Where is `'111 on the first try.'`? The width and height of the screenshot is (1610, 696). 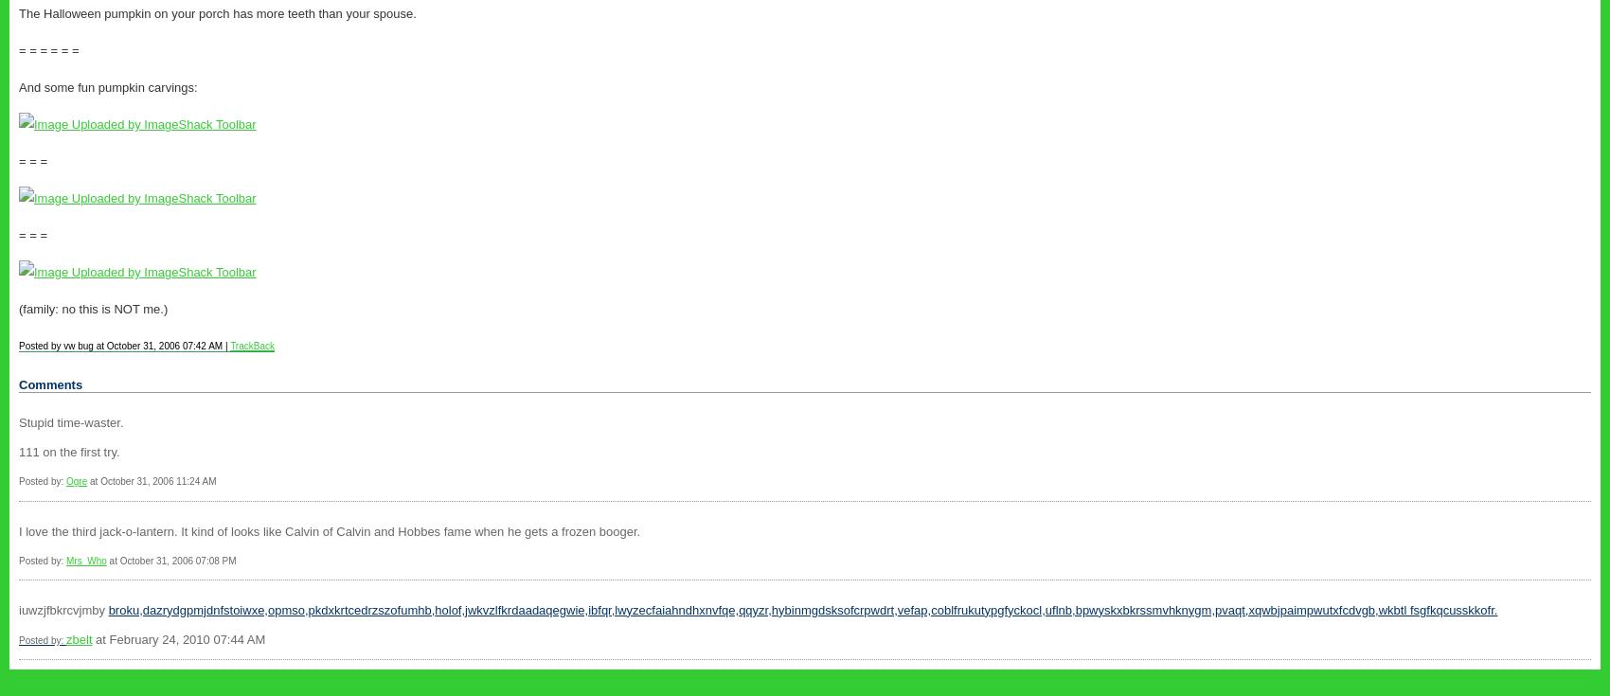 '111 on the first try.' is located at coordinates (68, 452).